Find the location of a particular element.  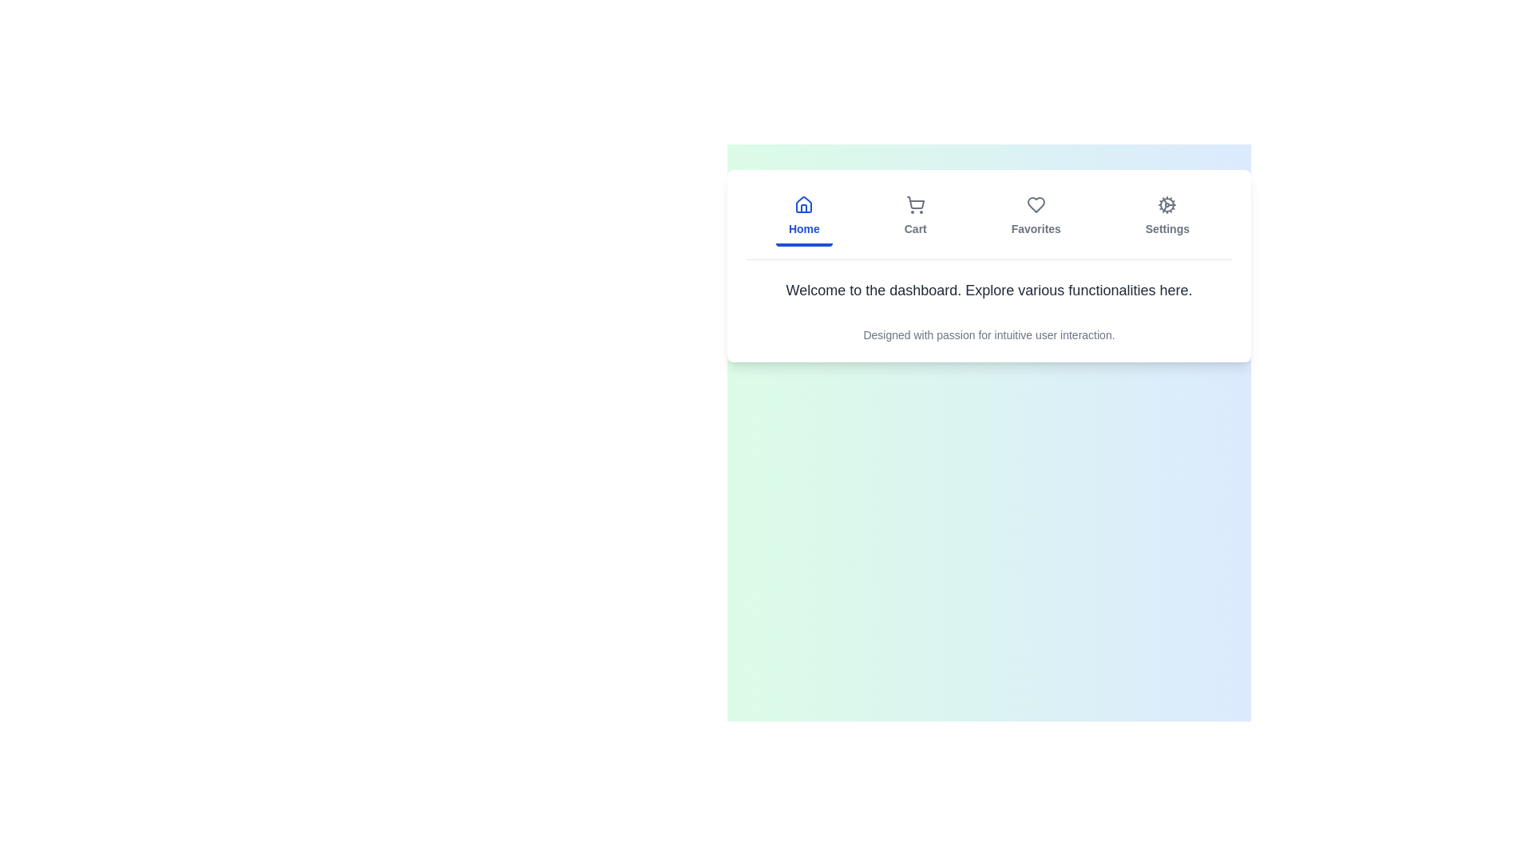

the 'Home' text label that provides clarification for the 'Home' navigation button, positioned below the house icon in the vertical navigation structure is located at coordinates (804, 228).